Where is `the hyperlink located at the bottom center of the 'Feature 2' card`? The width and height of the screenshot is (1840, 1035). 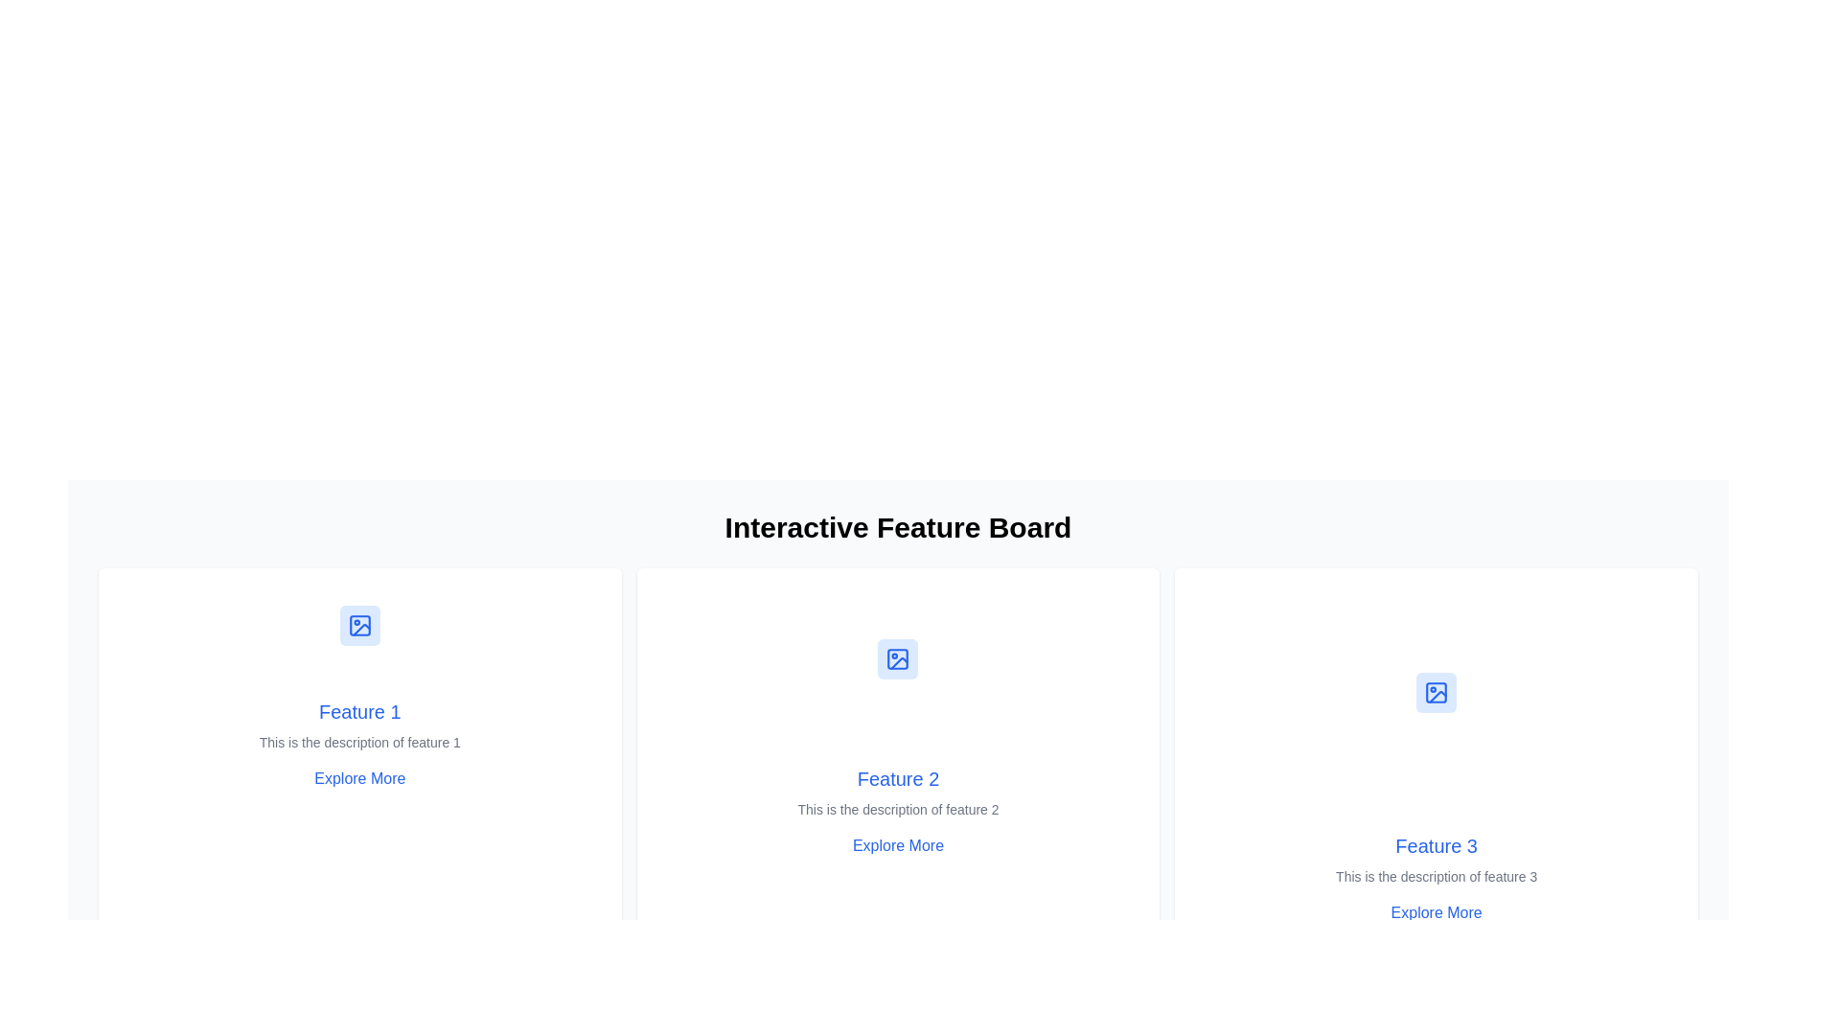 the hyperlink located at the bottom center of the 'Feature 2' card is located at coordinates (897, 845).